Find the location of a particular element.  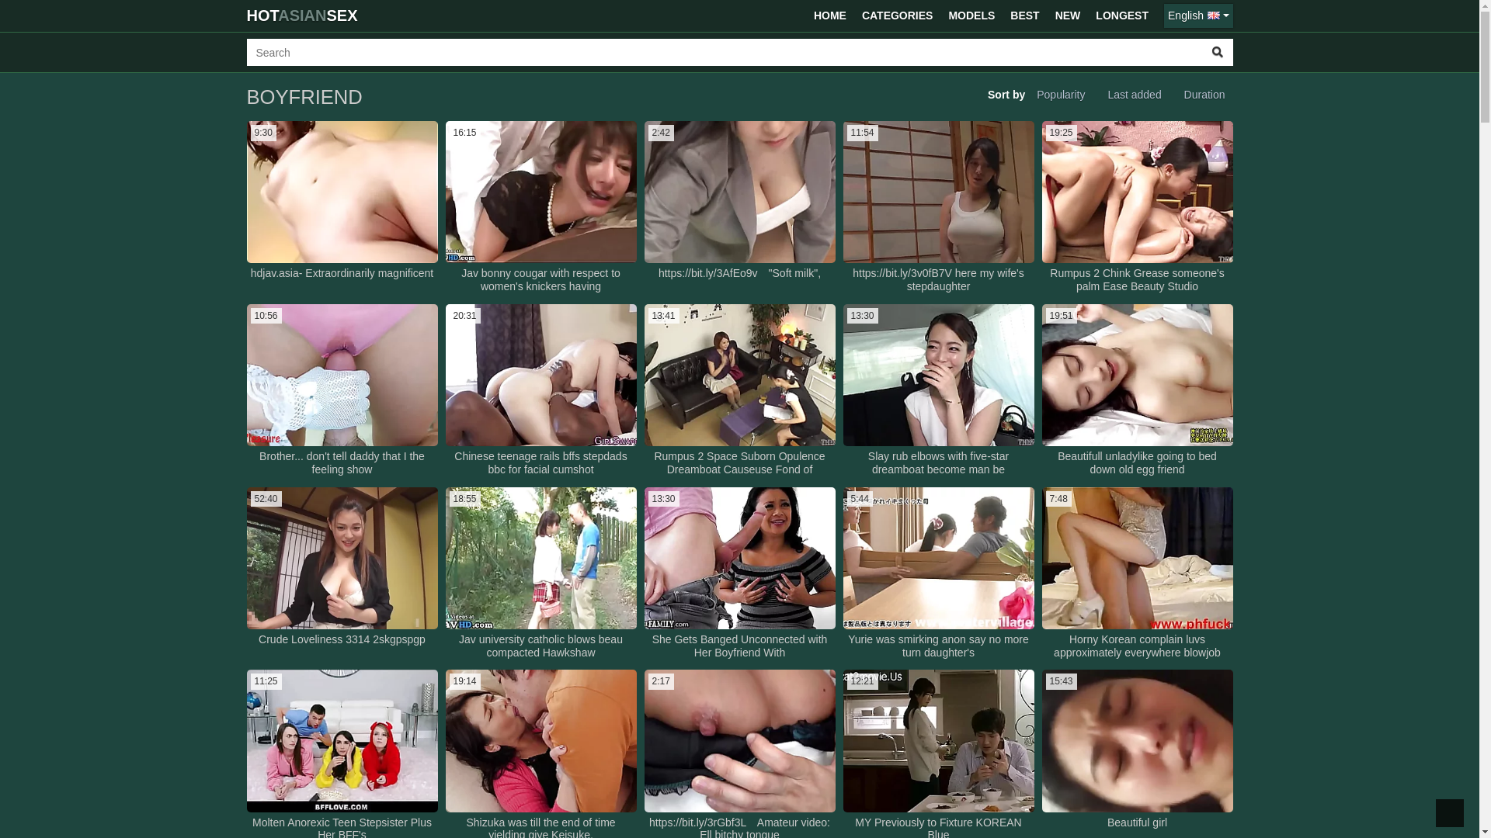

'Horny Korean complain luvs approximately everywhere blowjob' is located at coordinates (1137, 646).